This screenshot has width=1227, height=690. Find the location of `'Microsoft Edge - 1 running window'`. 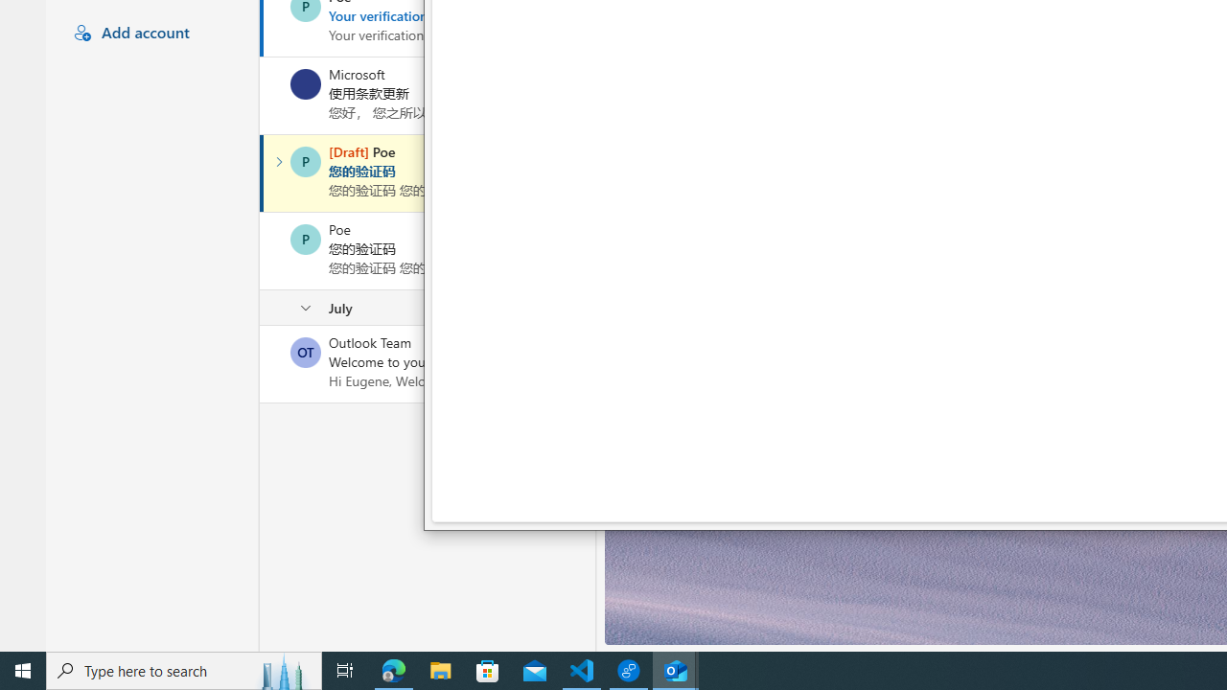

'Microsoft Edge - 1 running window' is located at coordinates (393, 669).